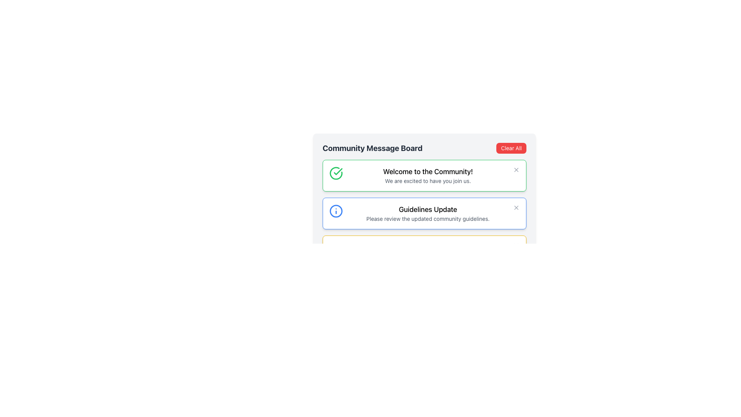 This screenshot has height=417, width=741. What do you see at coordinates (336, 211) in the screenshot?
I see `the circular blue outlined icon with an information symbol ('i') inside, located to the left of the 'Guidelines Update' message` at bounding box center [336, 211].